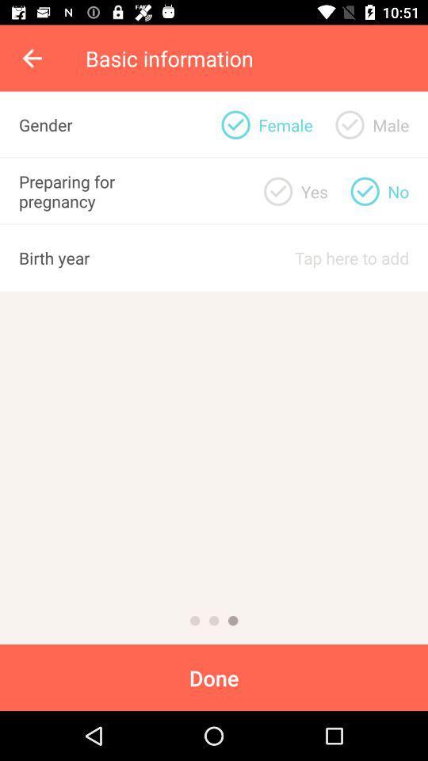  What do you see at coordinates (235, 124) in the screenshot?
I see `the item next to the yes item` at bounding box center [235, 124].